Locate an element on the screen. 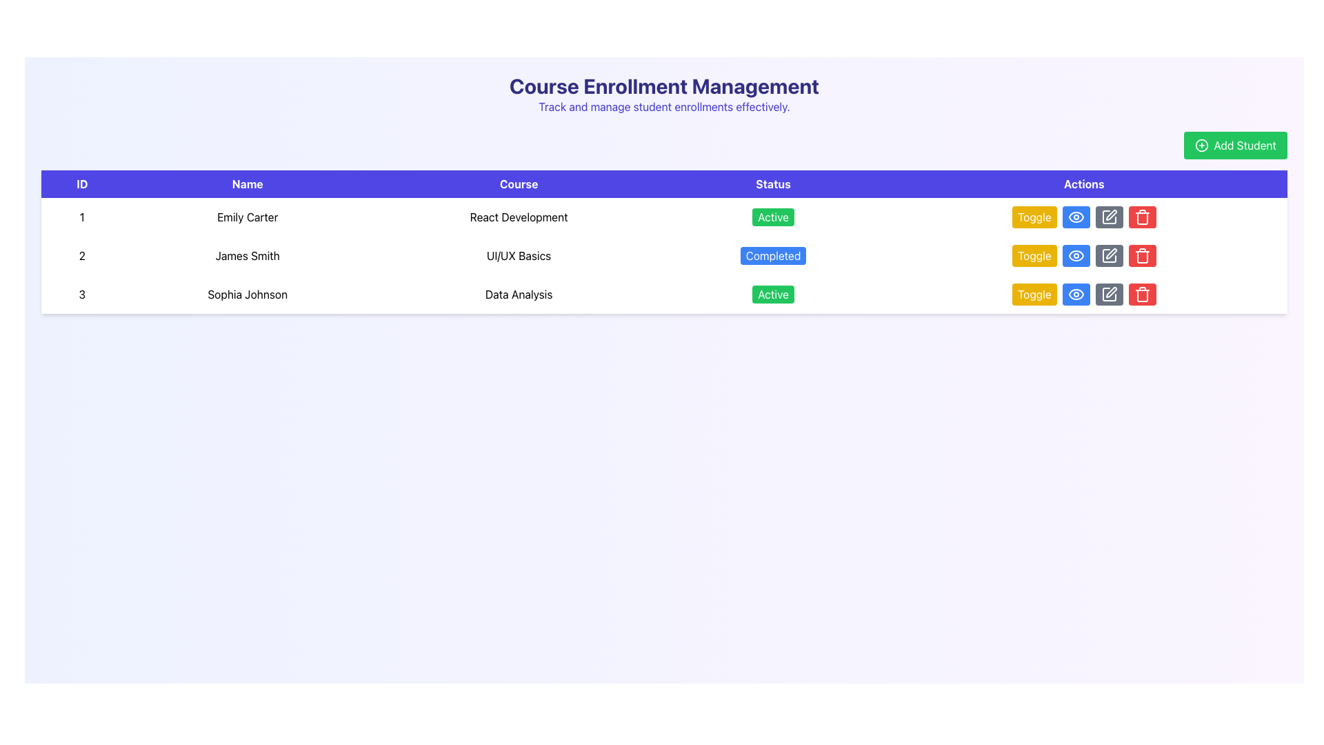 Image resolution: width=1324 pixels, height=745 pixels. the identifier text cell located in the last row of the data table, which is positioned directly left of the 'Sophia Johnson' text in the Name column is located at coordinates (81, 294).